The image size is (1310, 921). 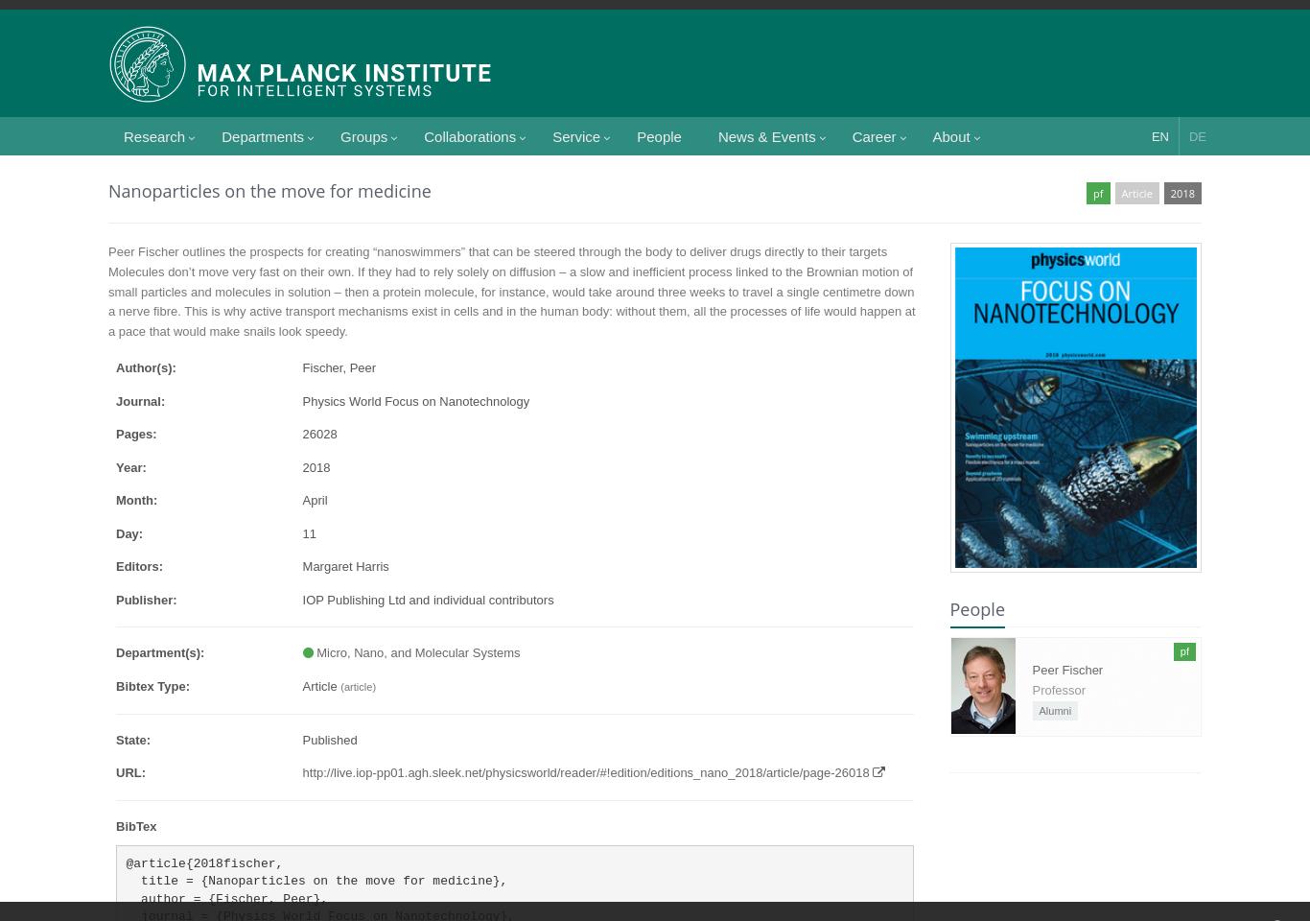 What do you see at coordinates (301, 598) in the screenshot?
I see `'IOP Publishing Ltd and individual contributors'` at bounding box center [301, 598].